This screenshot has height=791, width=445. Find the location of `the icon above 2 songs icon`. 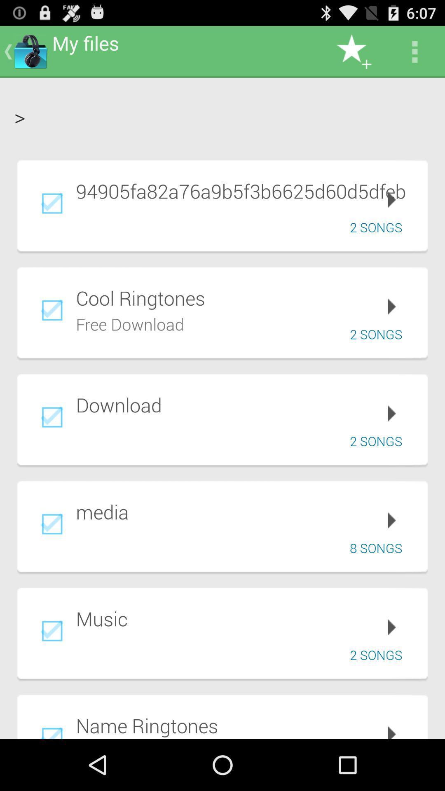

the icon above 2 songs icon is located at coordinates (246, 190).